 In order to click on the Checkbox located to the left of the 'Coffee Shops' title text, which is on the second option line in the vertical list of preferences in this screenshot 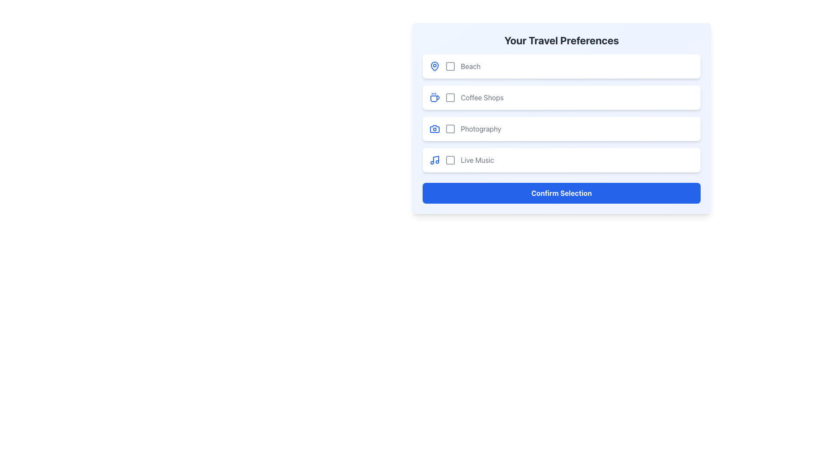, I will do `click(450, 97)`.